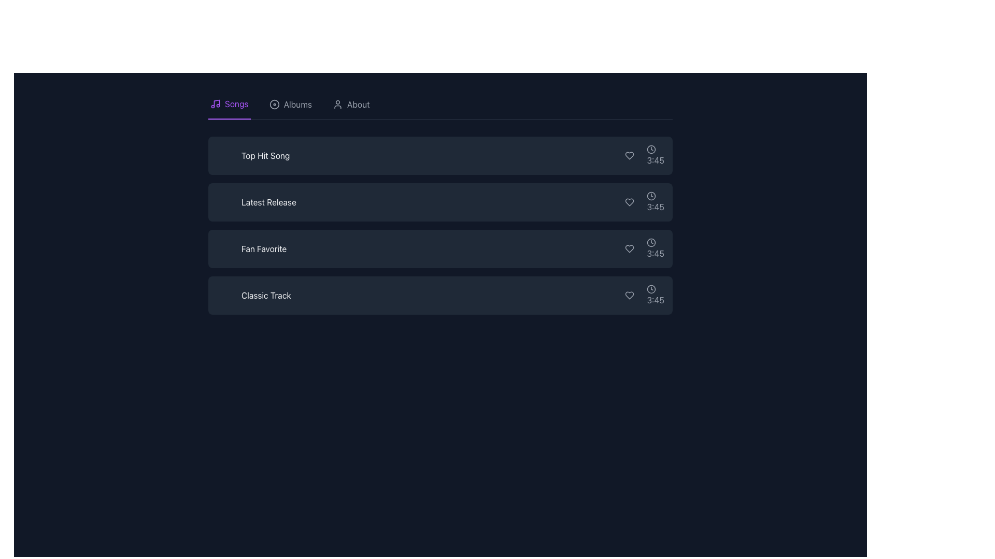 This screenshot has height=559, width=995. I want to click on the text label displaying 'Latest Release', so click(268, 202).